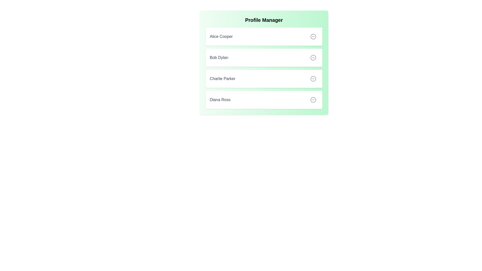 The width and height of the screenshot is (482, 271). I want to click on toggle button for Charlie Parker to toggle their active state, so click(313, 79).